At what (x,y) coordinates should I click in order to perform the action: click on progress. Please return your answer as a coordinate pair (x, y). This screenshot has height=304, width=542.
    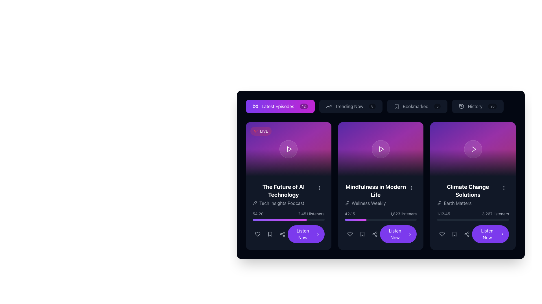
    Looking at the image, I should click on (351, 219).